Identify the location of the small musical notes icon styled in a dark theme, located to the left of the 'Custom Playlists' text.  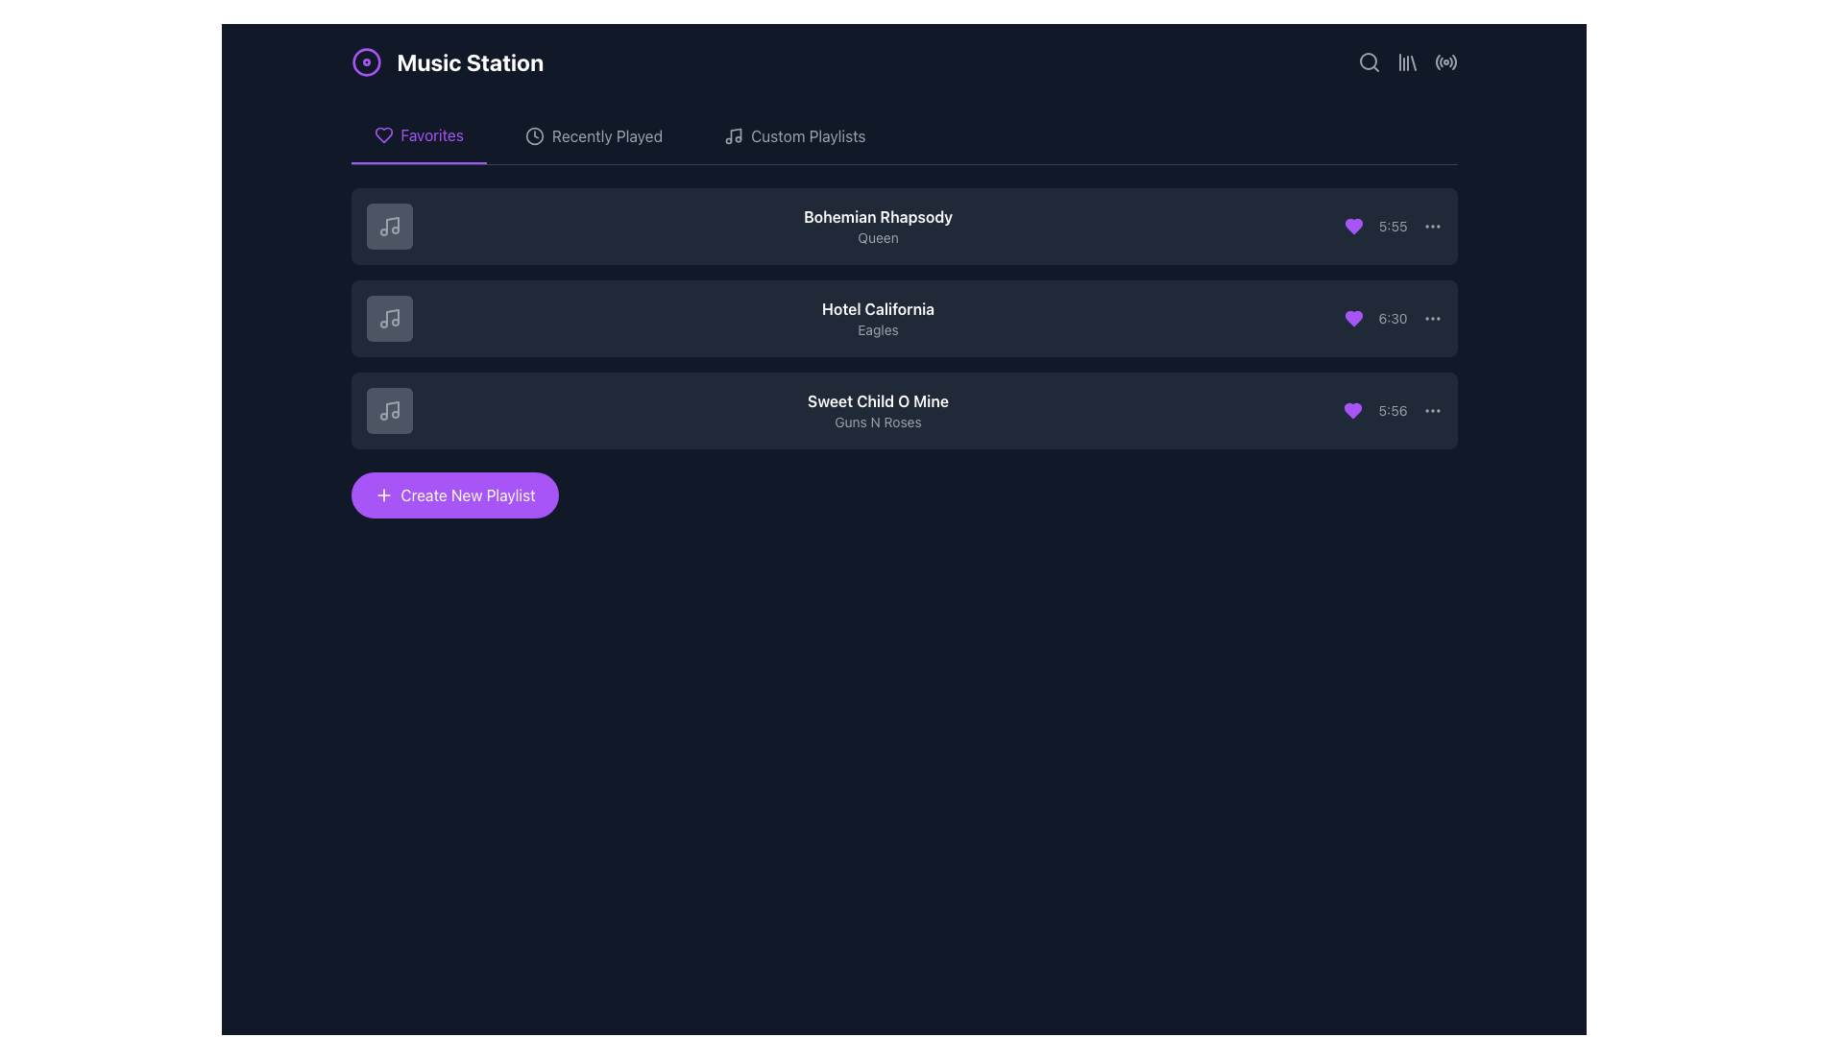
(733, 135).